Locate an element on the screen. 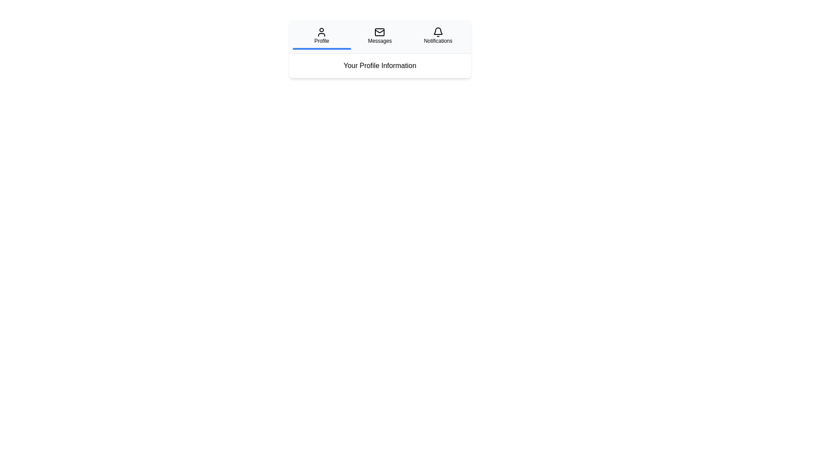 The image size is (838, 471). the text block displaying 'Your Profile Information' located centrally below the navigation bar is located at coordinates (380, 65).